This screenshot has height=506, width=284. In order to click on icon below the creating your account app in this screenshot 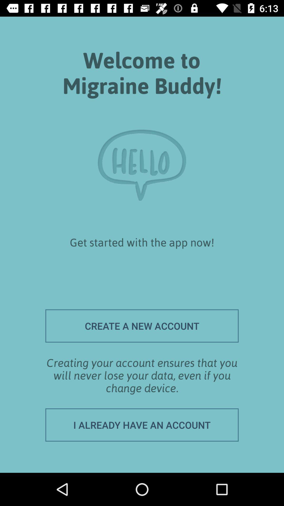, I will do `click(142, 425)`.